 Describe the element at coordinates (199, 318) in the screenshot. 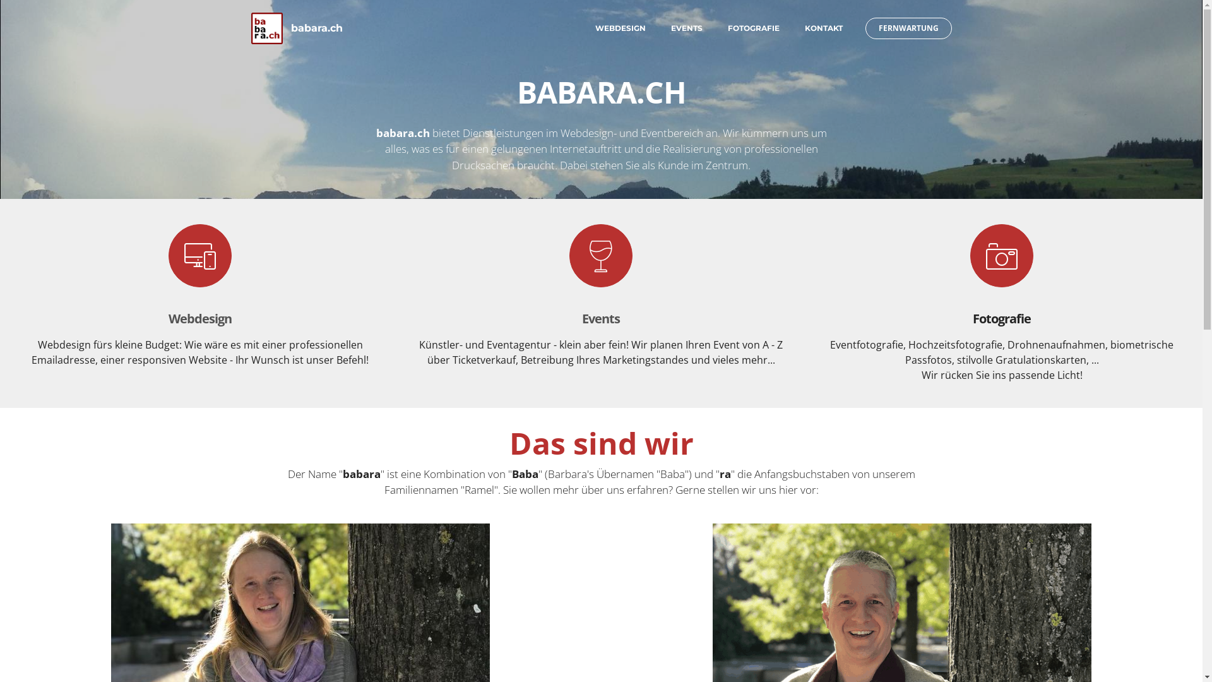

I see `'Webdesign'` at that location.